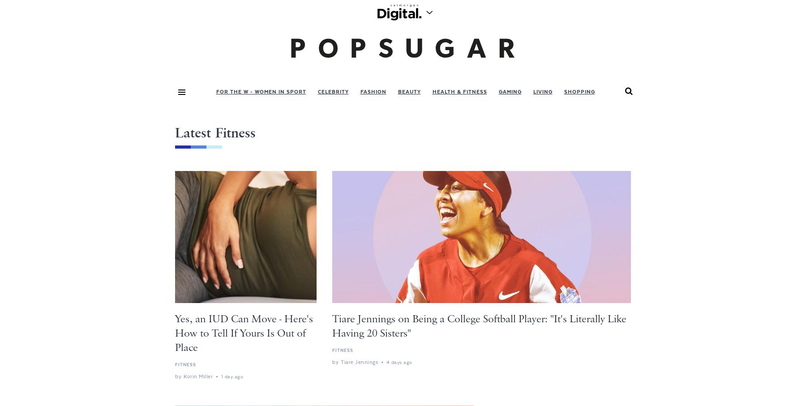 The width and height of the screenshot is (806, 406). What do you see at coordinates (214, 133) in the screenshot?
I see `'Latest
			Fitness'` at bounding box center [214, 133].